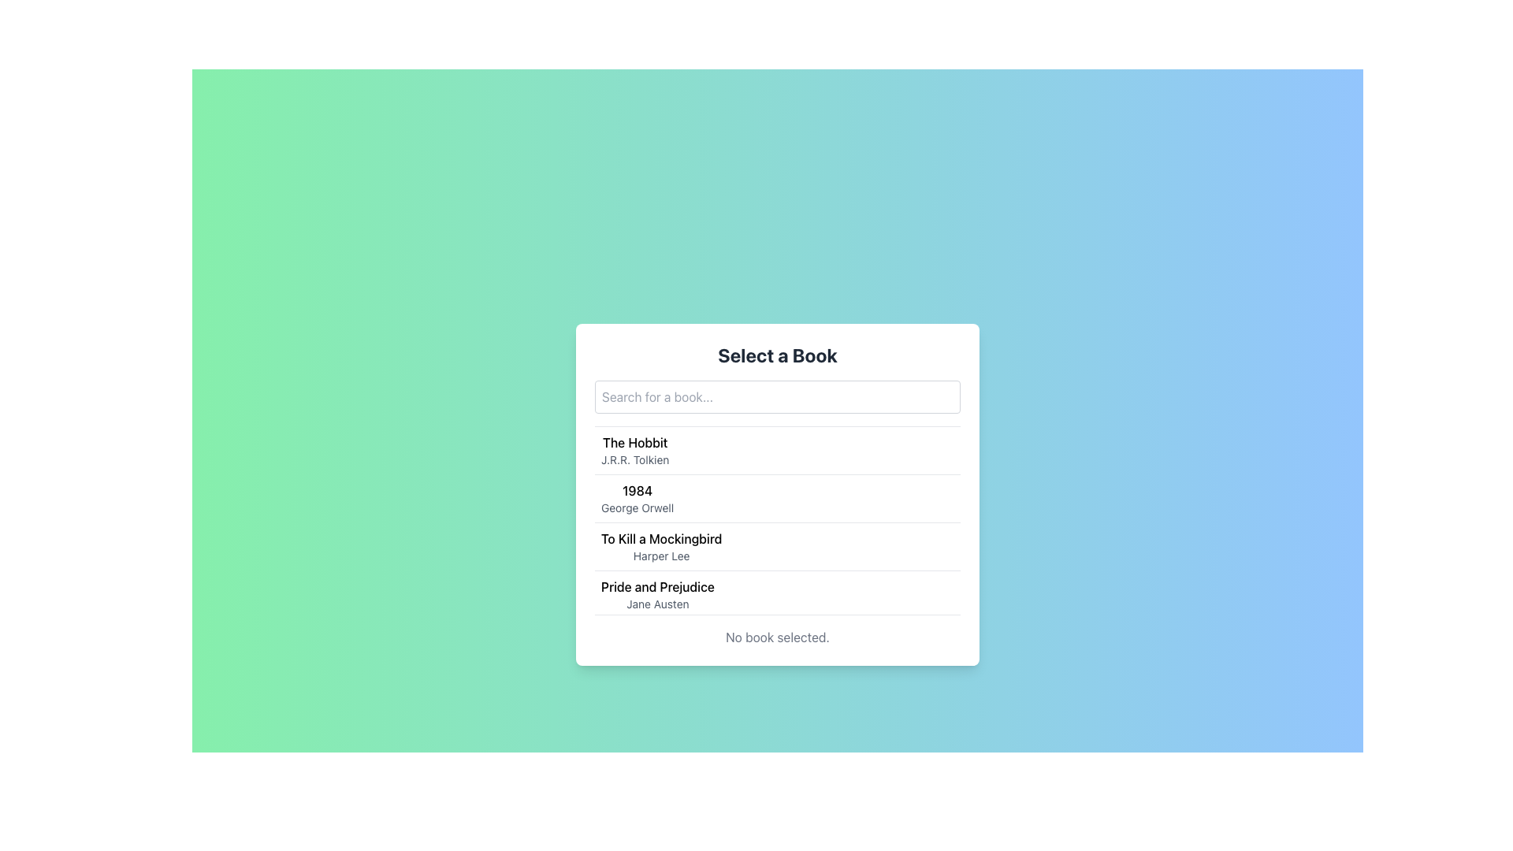  I want to click on the first list item displaying 'The Hobbit' by 'J.R.R. Tolkien', so click(778, 450).